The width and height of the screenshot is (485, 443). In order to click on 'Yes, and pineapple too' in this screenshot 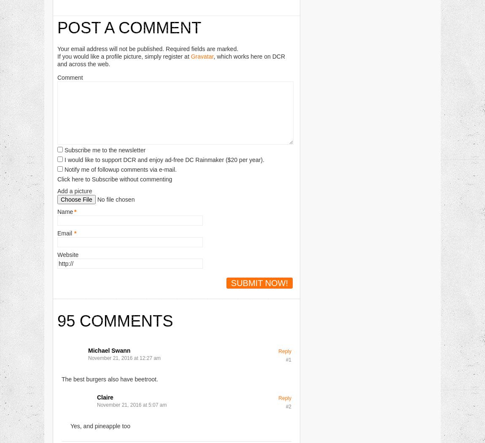, I will do `click(100, 426)`.